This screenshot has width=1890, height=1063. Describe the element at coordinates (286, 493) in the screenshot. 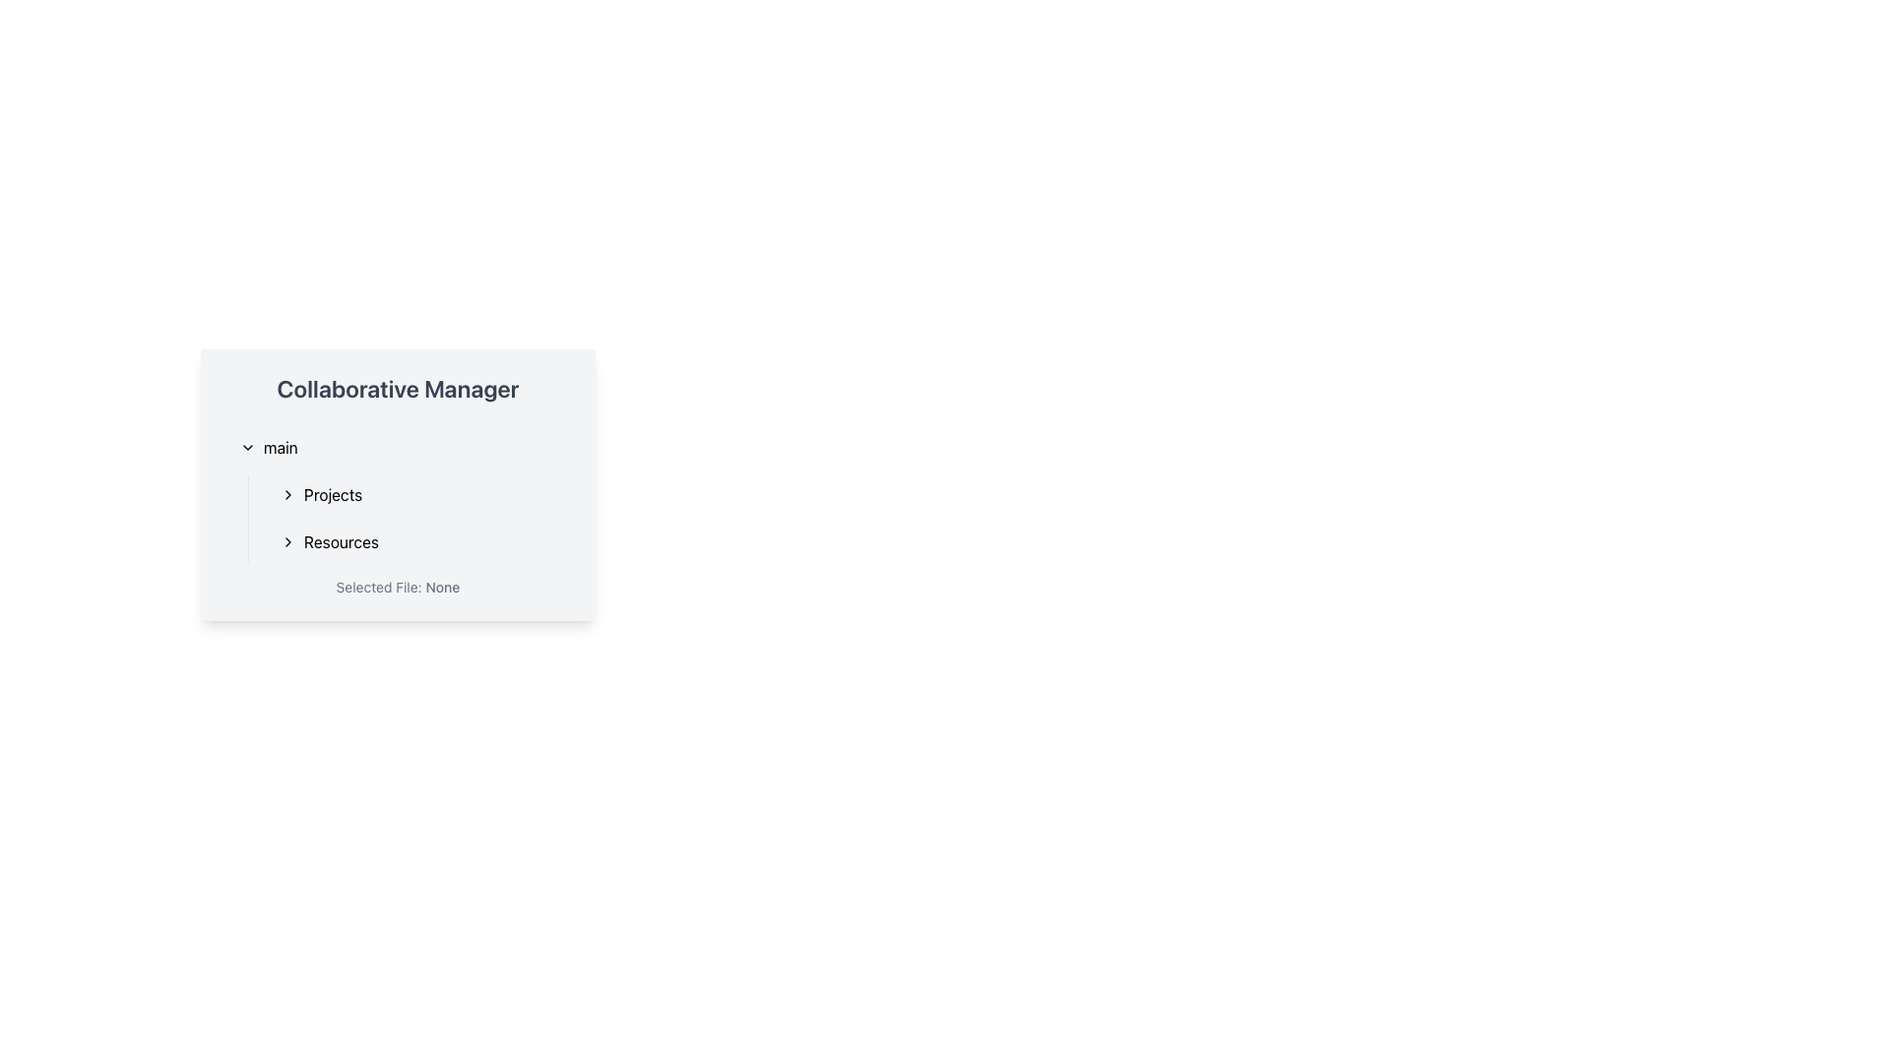

I see `the small right-pointing arrow icon located to the left of the text label 'Projects'` at that location.